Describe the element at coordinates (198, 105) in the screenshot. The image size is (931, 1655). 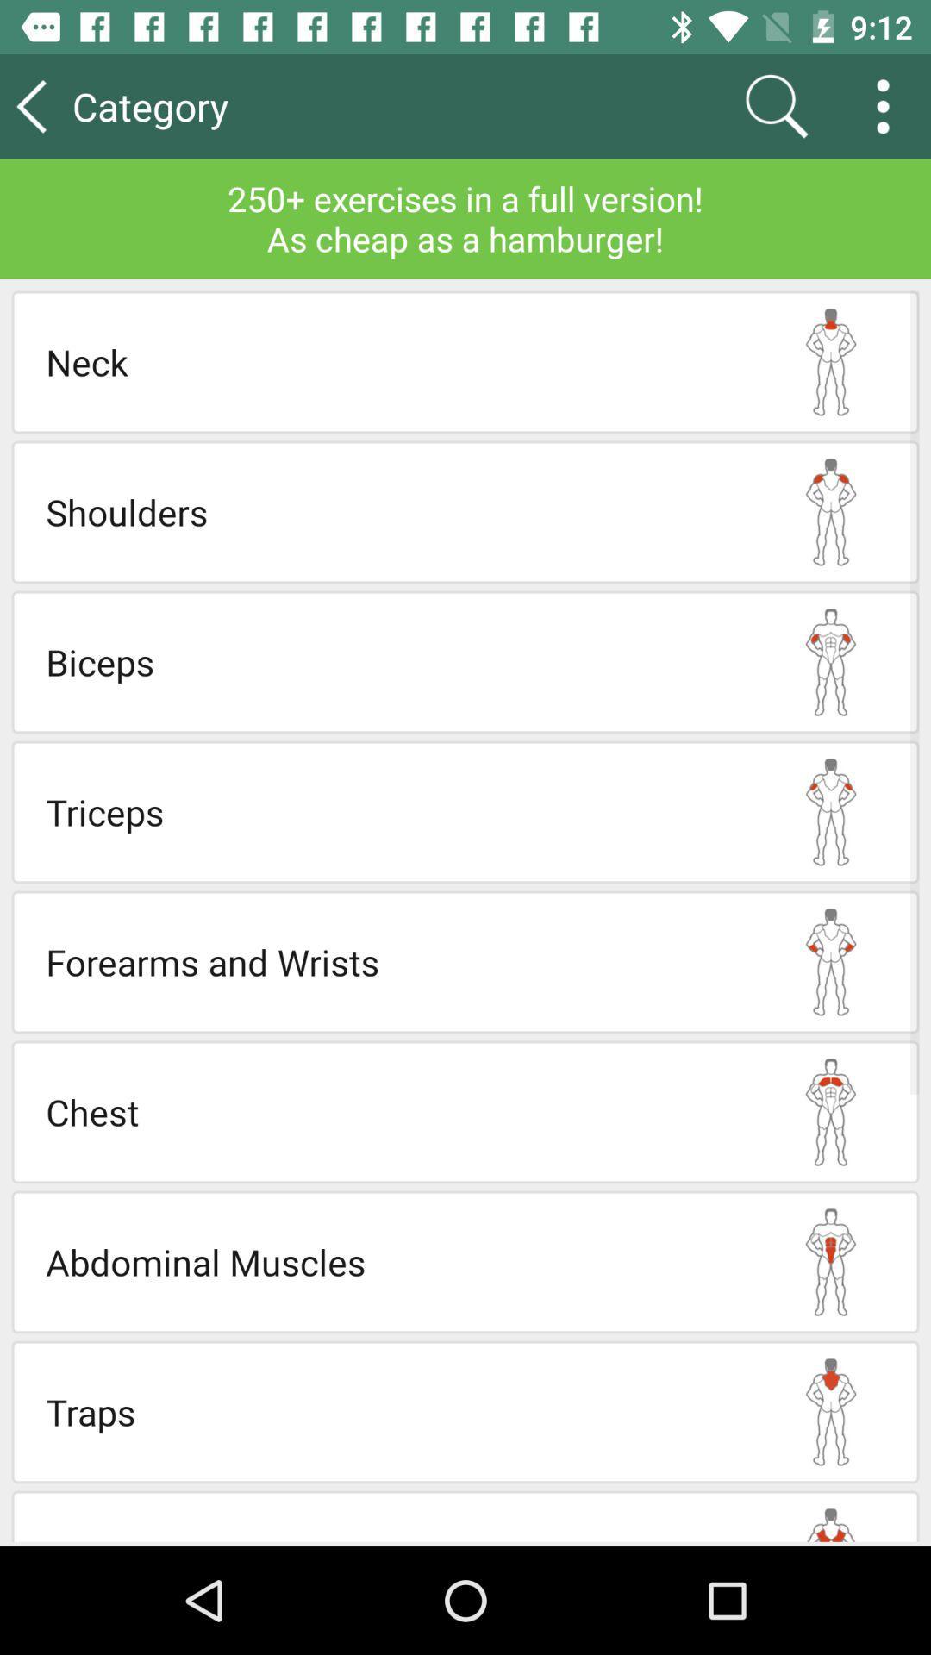
I see `the item at the top left corner` at that location.